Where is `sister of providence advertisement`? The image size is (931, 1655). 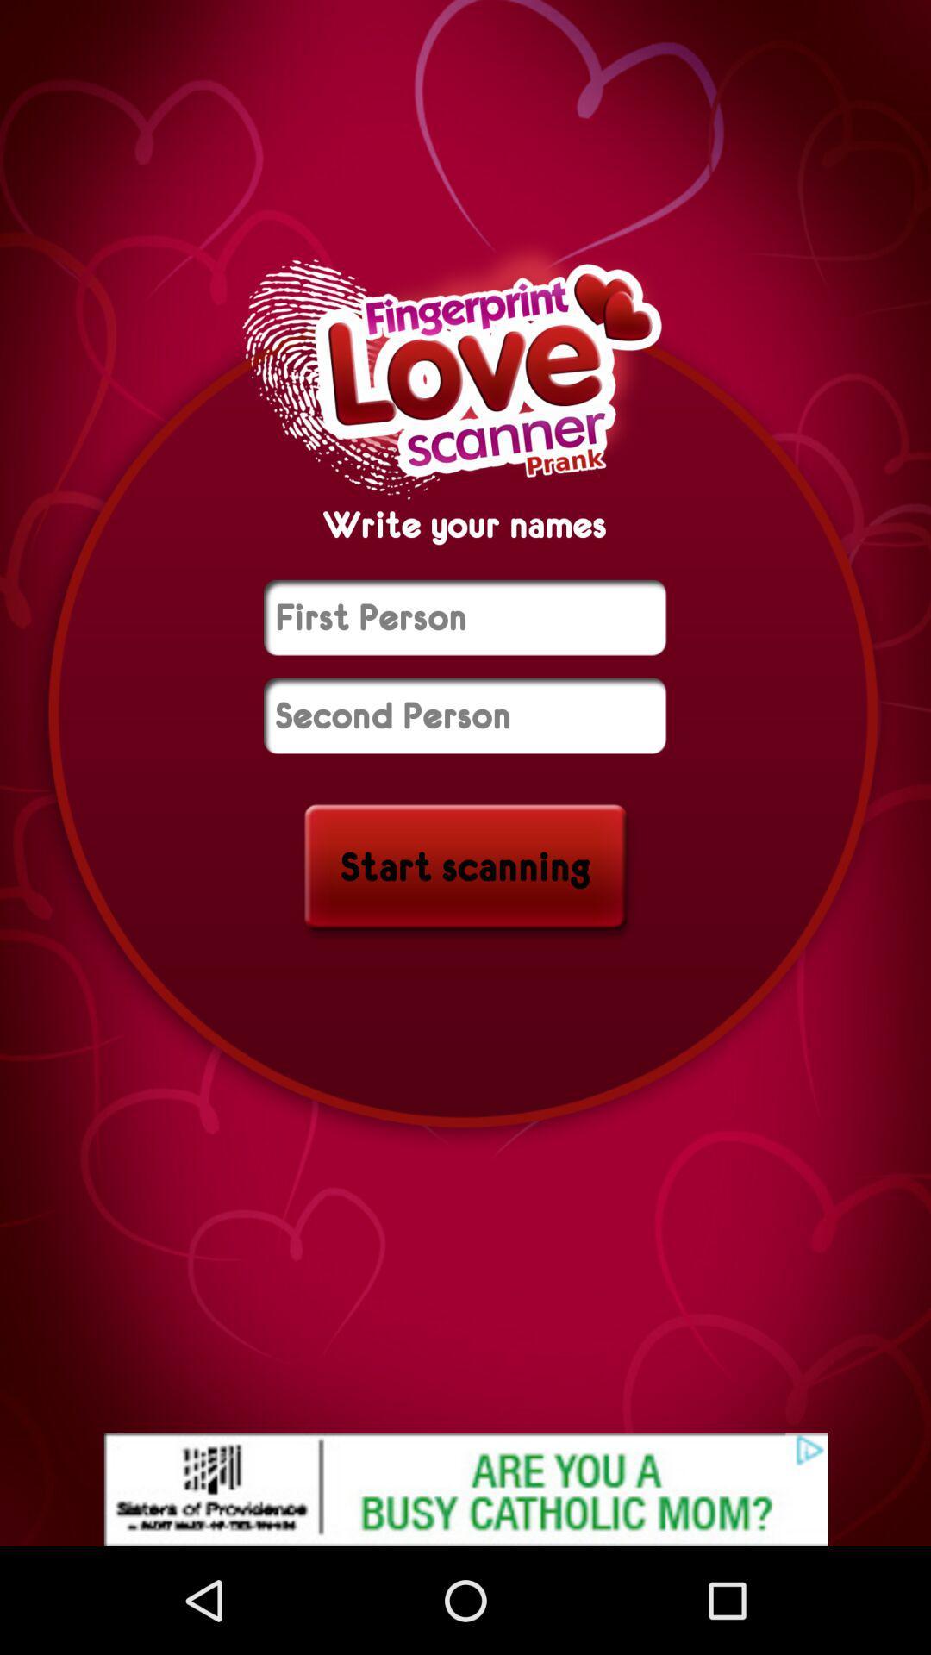
sister of providence advertisement is located at coordinates (465, 1489).